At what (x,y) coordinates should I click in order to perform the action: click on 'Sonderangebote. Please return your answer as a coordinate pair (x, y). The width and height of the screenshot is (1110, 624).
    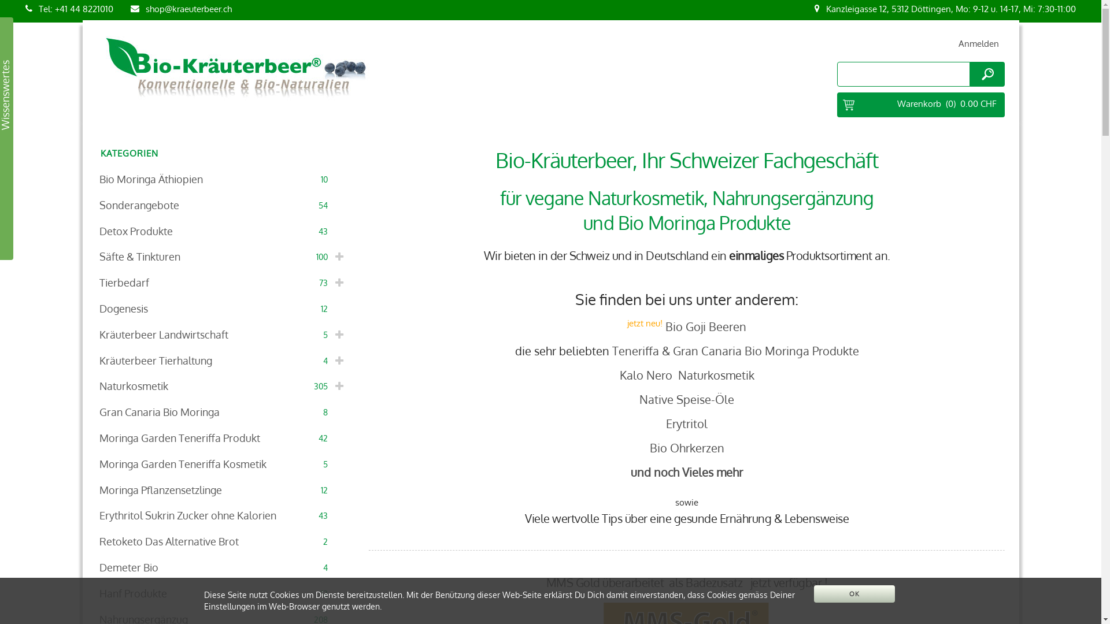
    Looking at the image, I should click on (224, 205).